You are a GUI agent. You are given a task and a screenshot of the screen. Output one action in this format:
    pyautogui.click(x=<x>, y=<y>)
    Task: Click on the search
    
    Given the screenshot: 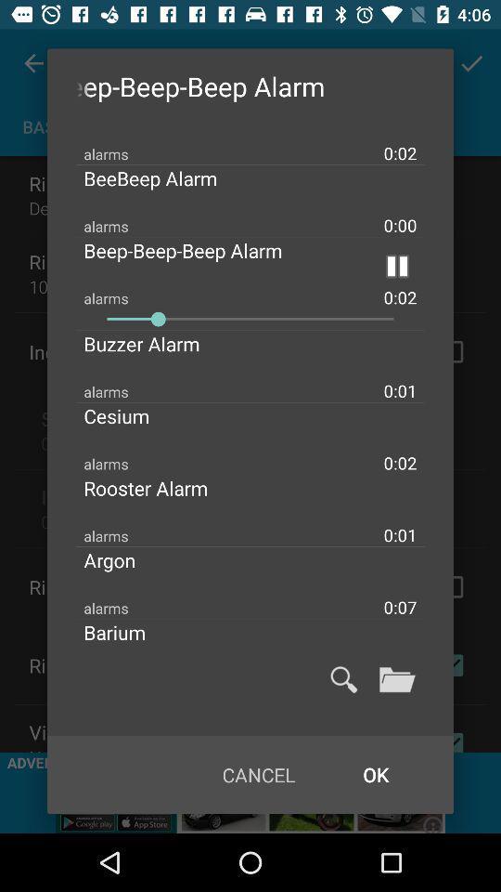 What is the action you would take?
    pyautogui.click(x=342, y=678)
    